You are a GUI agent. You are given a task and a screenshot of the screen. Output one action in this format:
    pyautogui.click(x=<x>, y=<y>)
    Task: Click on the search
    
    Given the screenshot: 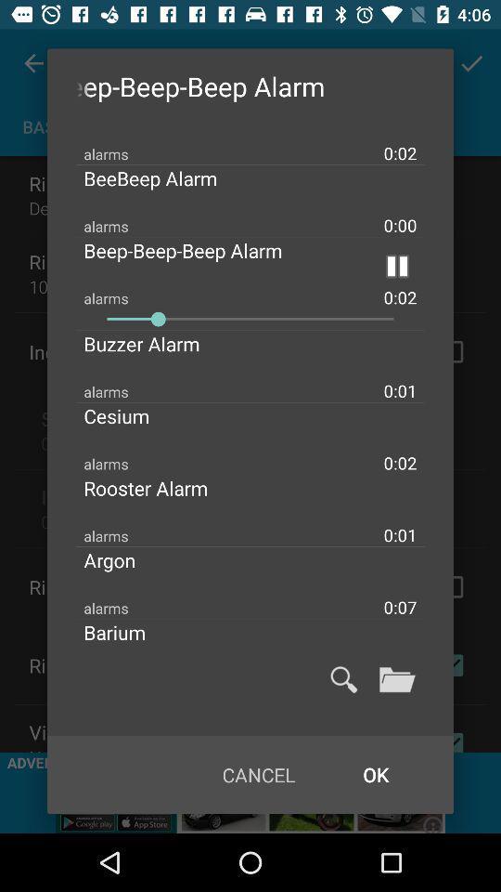 What is the action you would take?
    pyautogui.click(x=342, y=678)
    